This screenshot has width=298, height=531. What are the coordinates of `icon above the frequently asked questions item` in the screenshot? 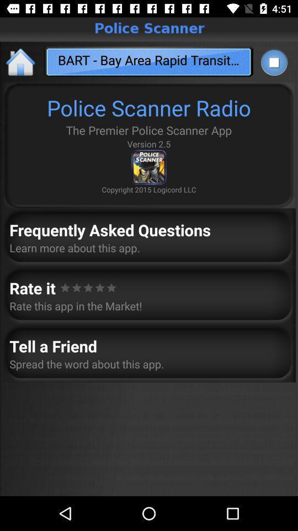 It's located at (21, 61).